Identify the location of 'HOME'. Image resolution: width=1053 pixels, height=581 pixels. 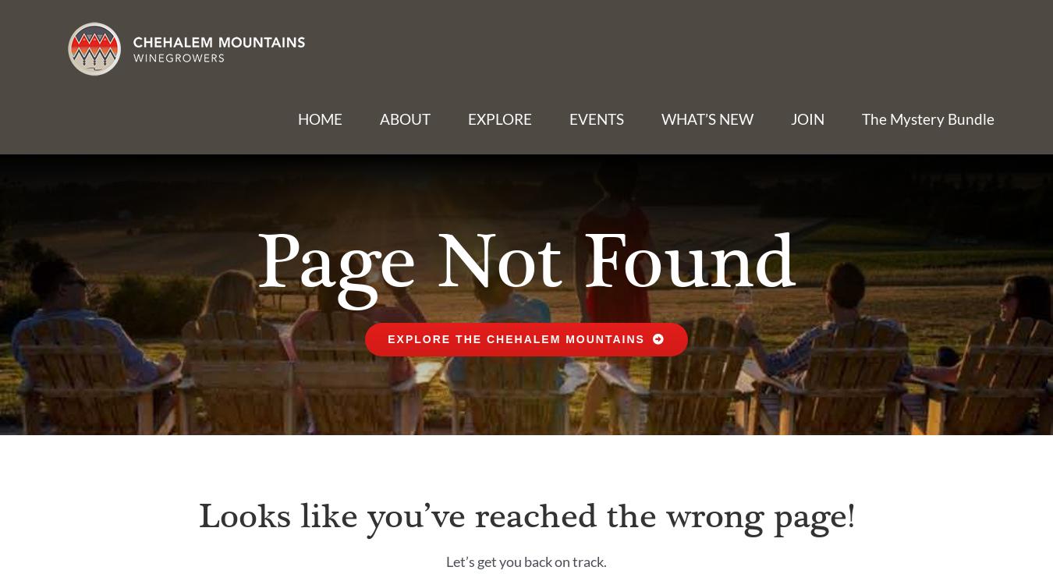
(320, 118).